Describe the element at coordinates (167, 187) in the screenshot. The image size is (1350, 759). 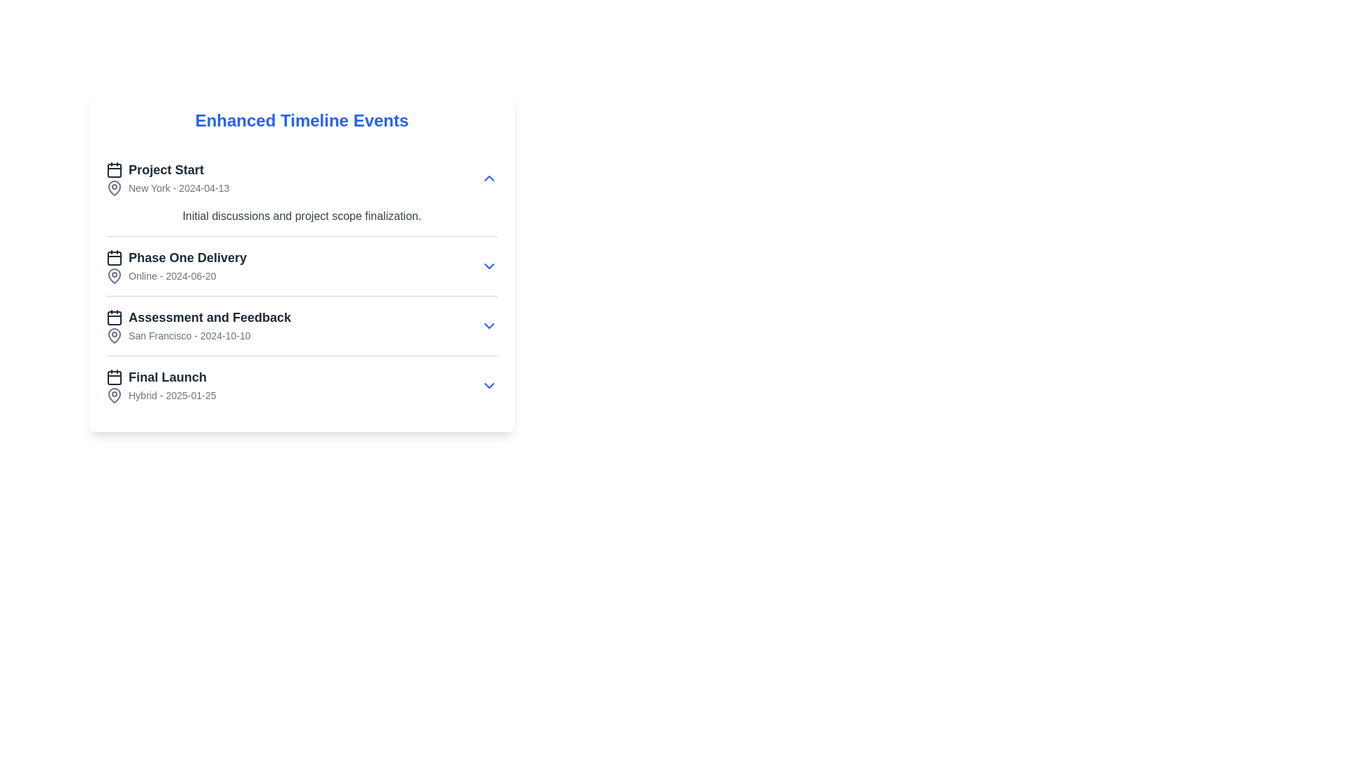
I see `the text element displaying the location and date information associated with the 'Project Start' event, located under 'Enhanced Timeline Events' and below the 'Project Start' text` at that location.